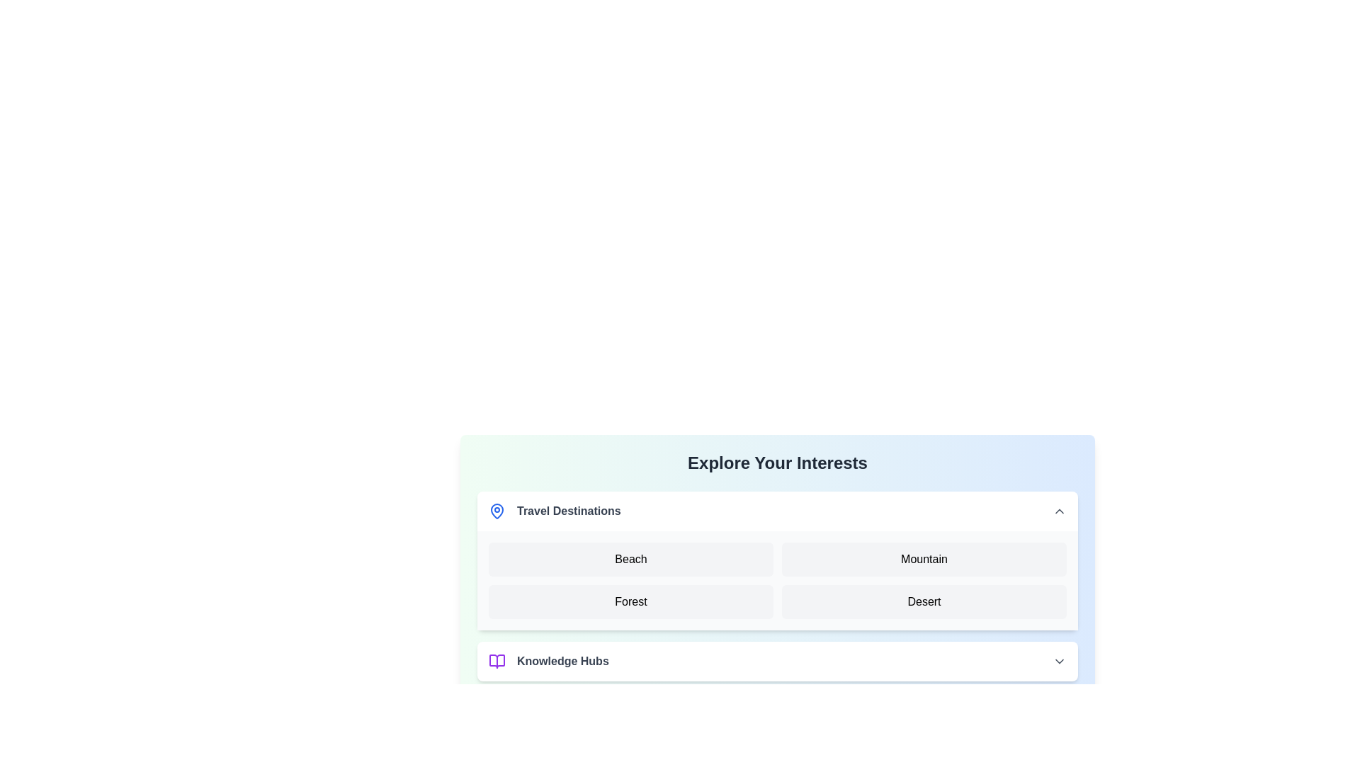 The width and height of the screenshot is (1360, 765). I want to click on the Chevron toggle icon located at the far right of the 'Travel Destinations' section header, so click(1060, 511).